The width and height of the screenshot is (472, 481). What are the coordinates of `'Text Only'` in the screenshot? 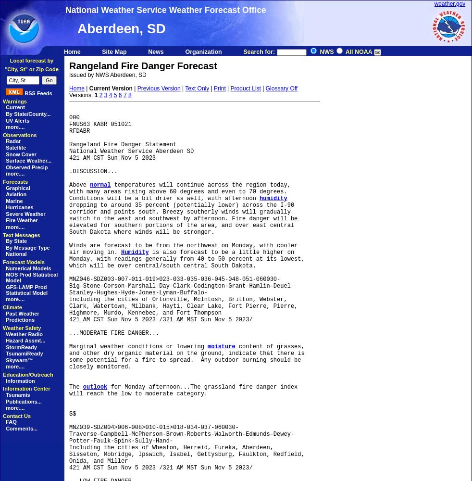 It's located at (185, 89).